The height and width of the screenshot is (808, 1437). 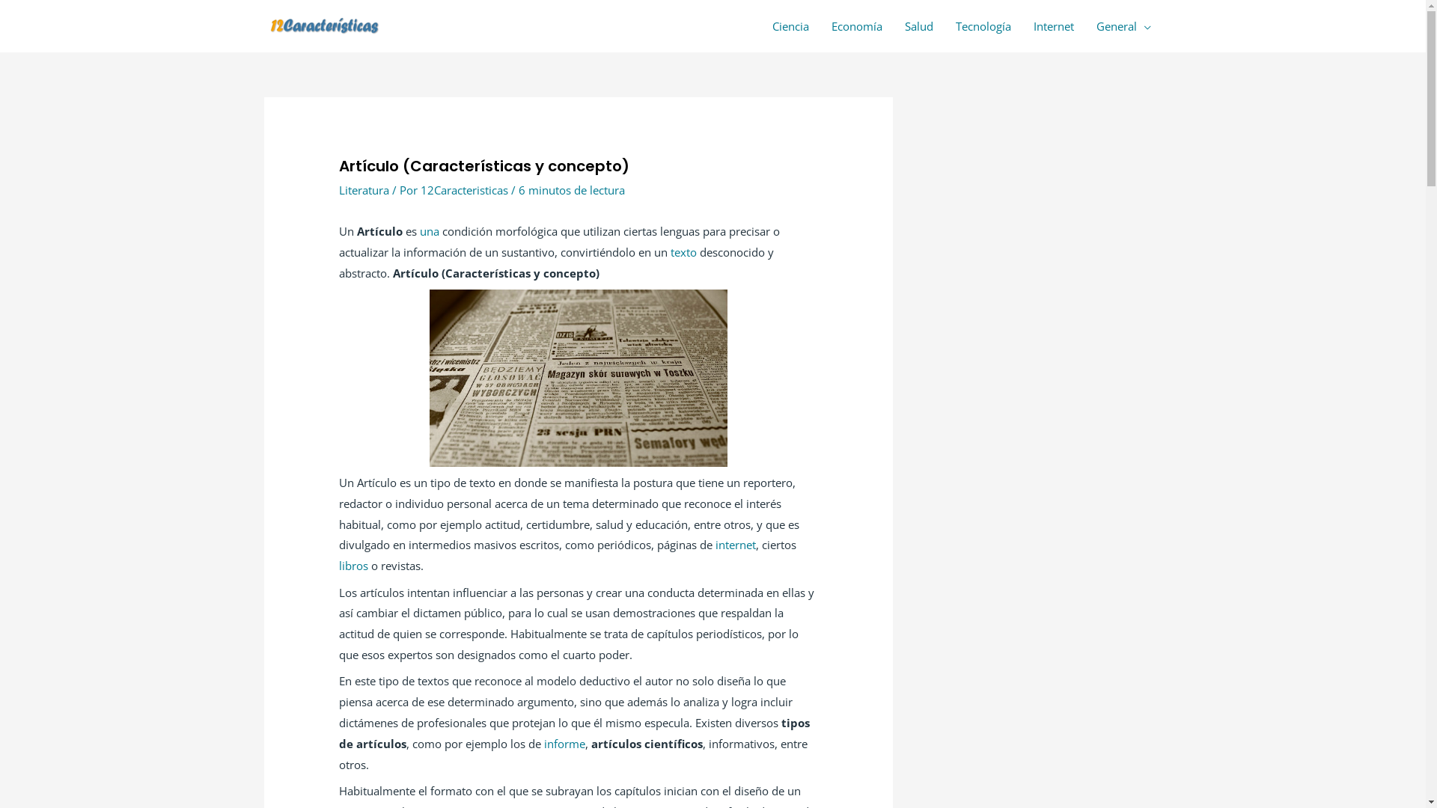 What do you see at coordinates (429, 230) in the screenshot?
I see `'una'` at bounding box center [429, 230].